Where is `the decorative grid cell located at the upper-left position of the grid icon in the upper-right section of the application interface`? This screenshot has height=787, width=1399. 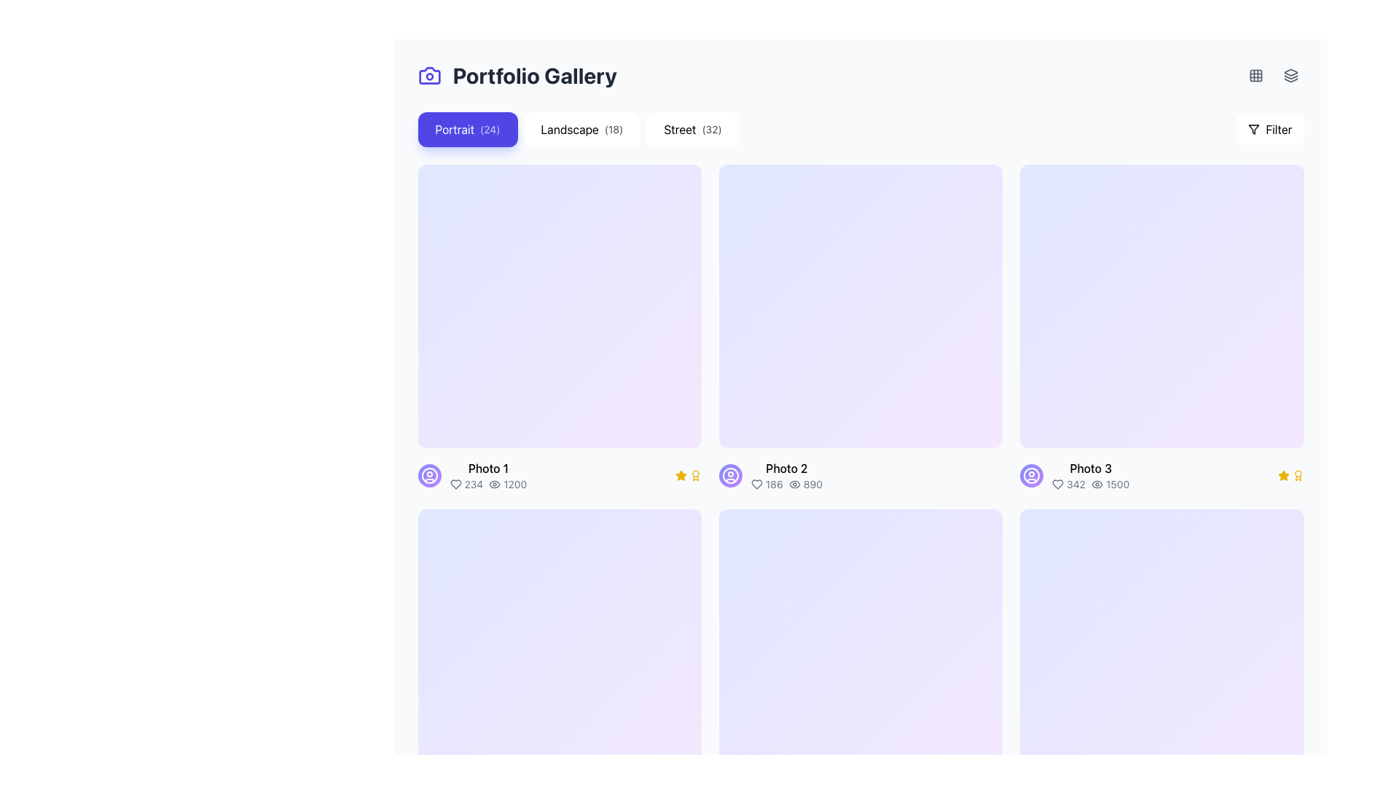
the decorative grid cell located at the upper-left position of the grid icon in the upper-right section of the application interface is located at coordinates (1255, 76).